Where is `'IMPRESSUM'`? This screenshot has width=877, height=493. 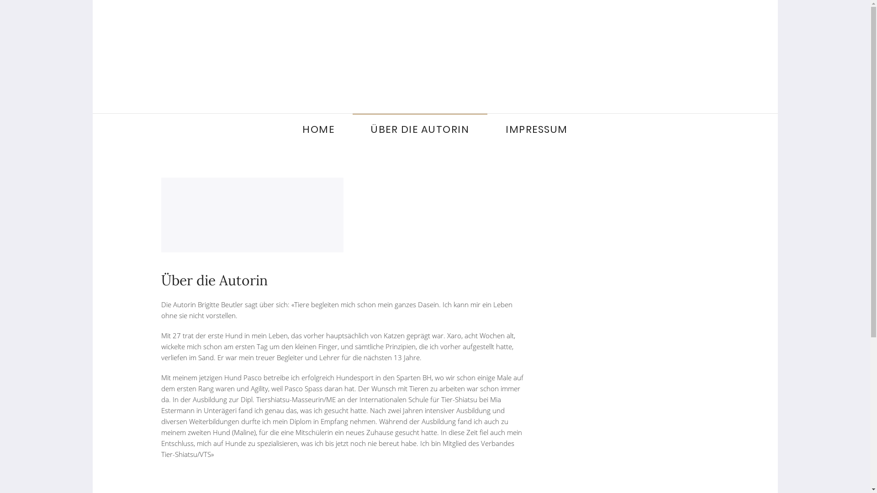
'IMPRESSUM' is located at coordinates (537, 130).